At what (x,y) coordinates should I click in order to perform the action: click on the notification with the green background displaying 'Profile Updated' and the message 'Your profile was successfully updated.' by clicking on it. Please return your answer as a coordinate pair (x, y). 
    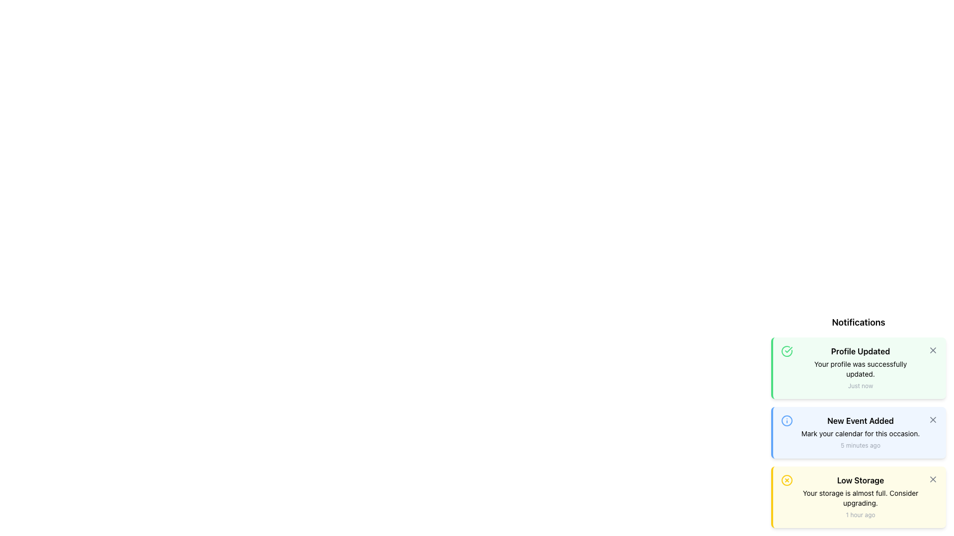
    Looking at the image, I should click on (860, 368).